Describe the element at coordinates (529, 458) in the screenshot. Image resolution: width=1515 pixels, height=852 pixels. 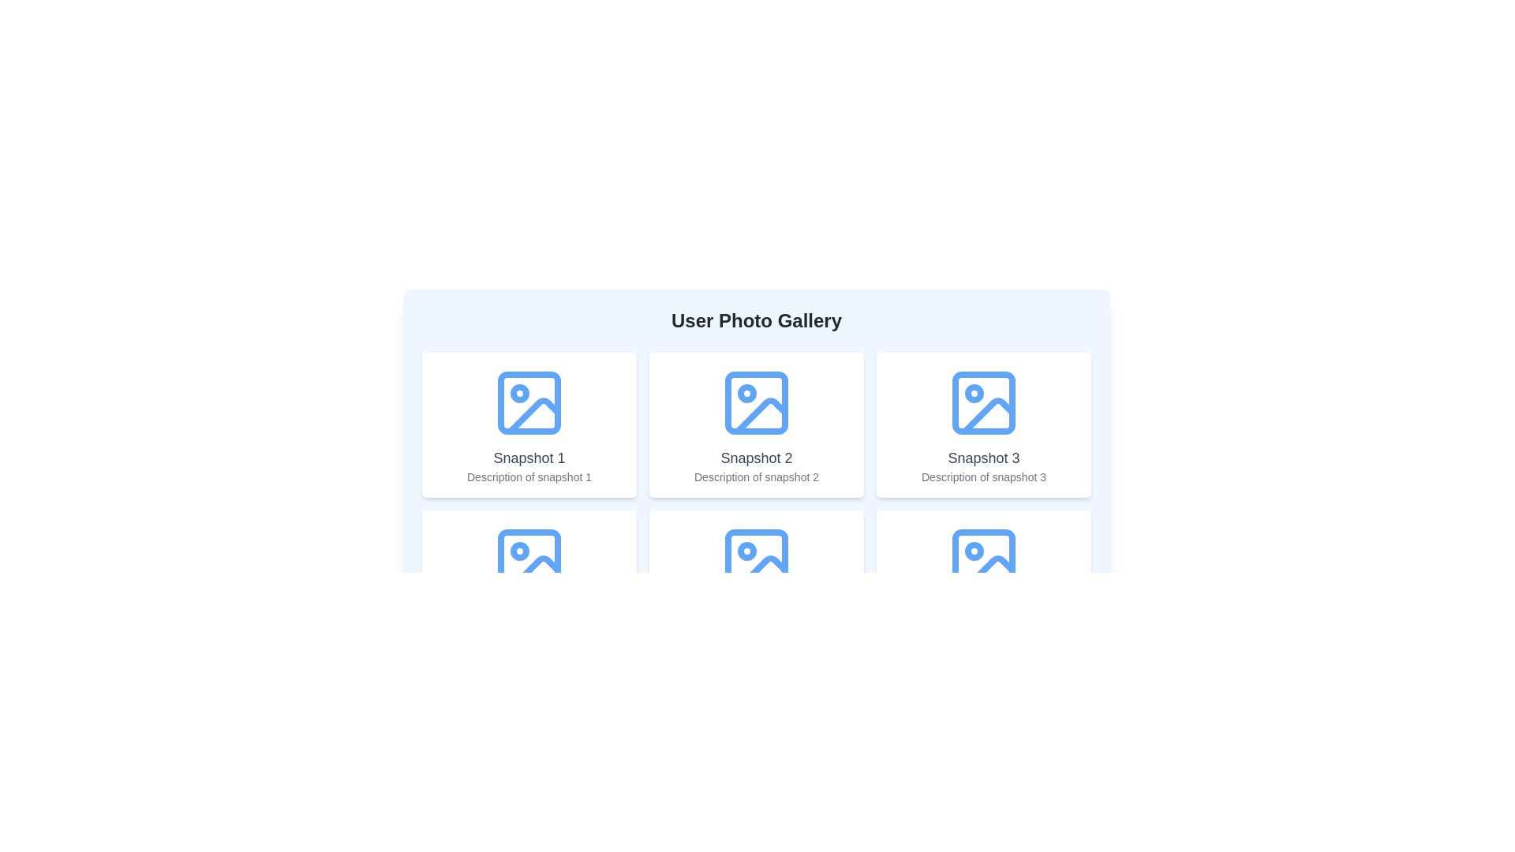
I see `the text label that serves as a title or identifier for the associated image in the gallery, located in the first slot of the grid structure` at that location.